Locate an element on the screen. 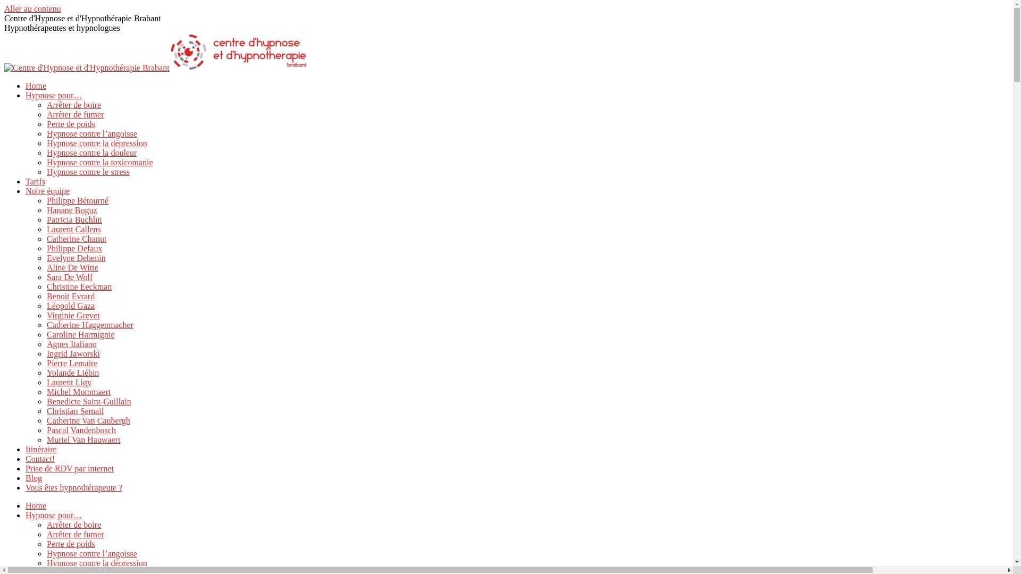 This screenshot has width=1021, height=574. 'Blog' is located at coordinates (26, 477).